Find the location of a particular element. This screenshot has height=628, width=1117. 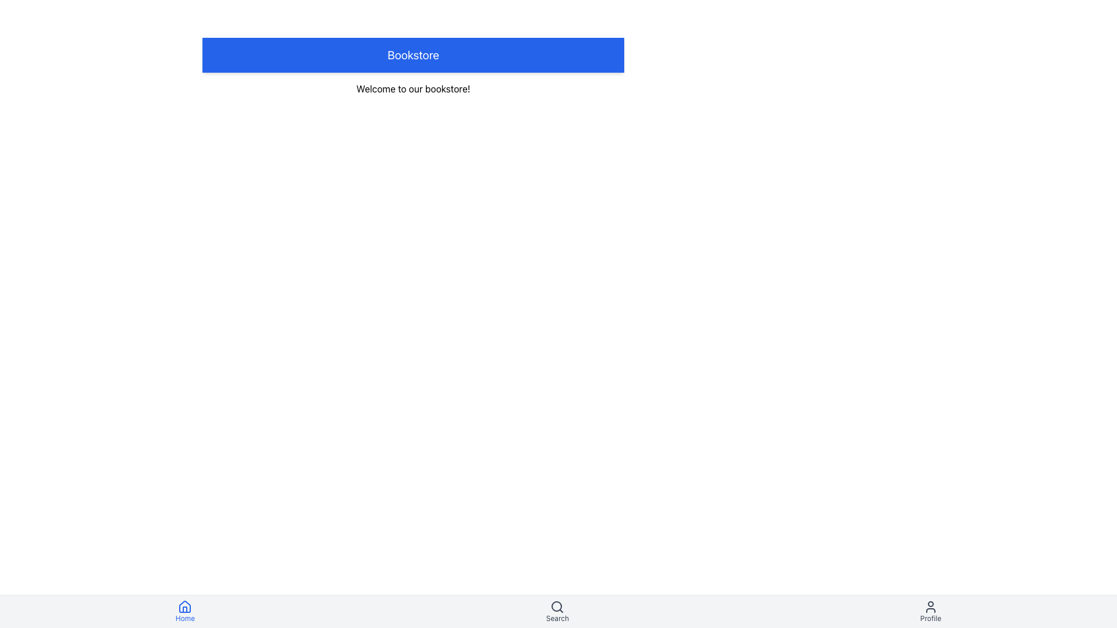

the house icon in the bottom navigation bar for visual feedback is located at coordinates (184, 606).